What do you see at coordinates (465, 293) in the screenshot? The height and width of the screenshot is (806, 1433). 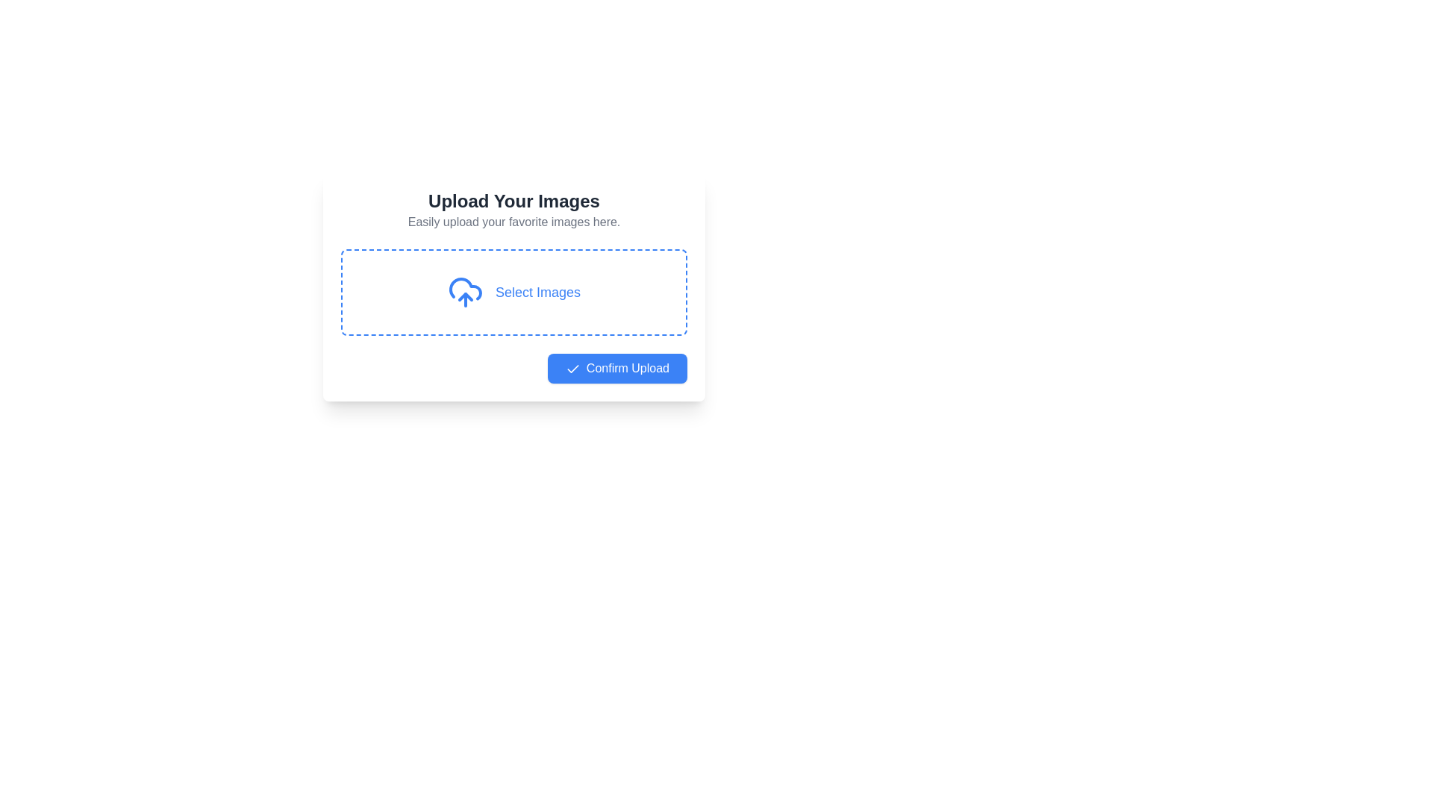 I see `the blue cloud icon with an upward arrow, which is located to the left of the 'Select Images' text in the dashed-bordered rectangular area` at bounding box center [465, 293].